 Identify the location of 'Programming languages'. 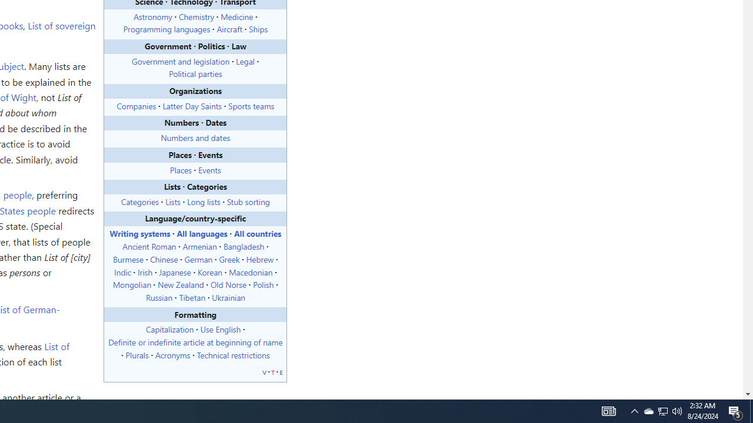
(165, 28).